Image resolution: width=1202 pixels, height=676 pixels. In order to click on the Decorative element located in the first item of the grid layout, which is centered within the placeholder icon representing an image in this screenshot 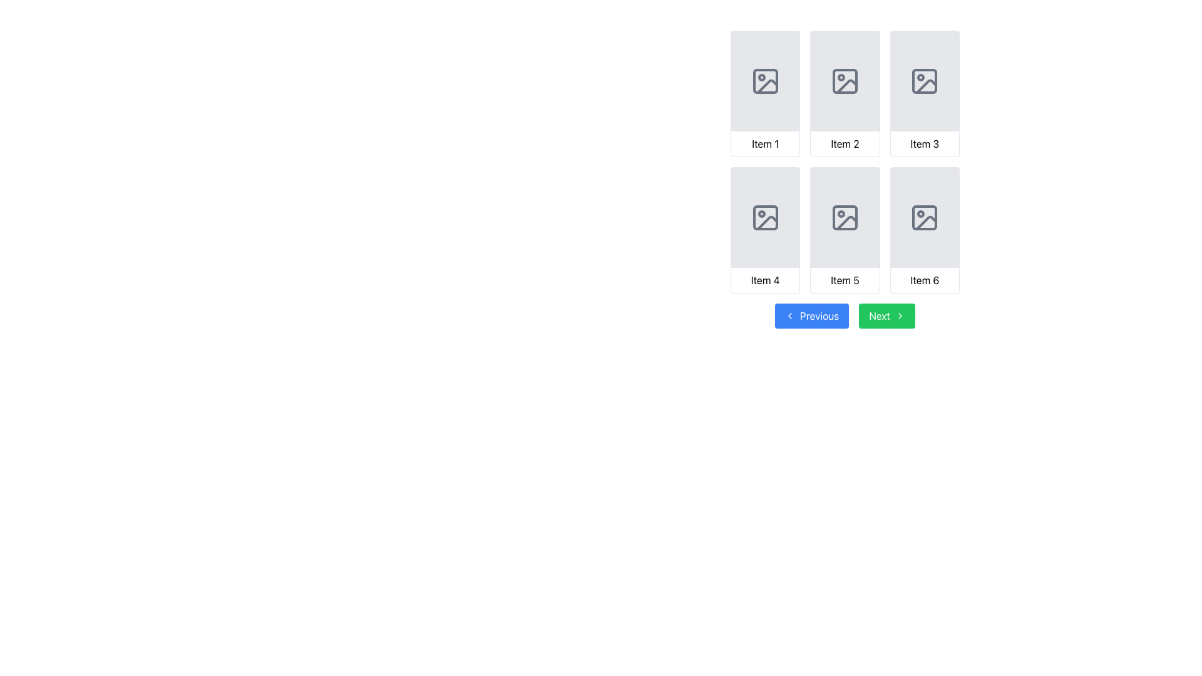, I will do `click(764, 81)`.